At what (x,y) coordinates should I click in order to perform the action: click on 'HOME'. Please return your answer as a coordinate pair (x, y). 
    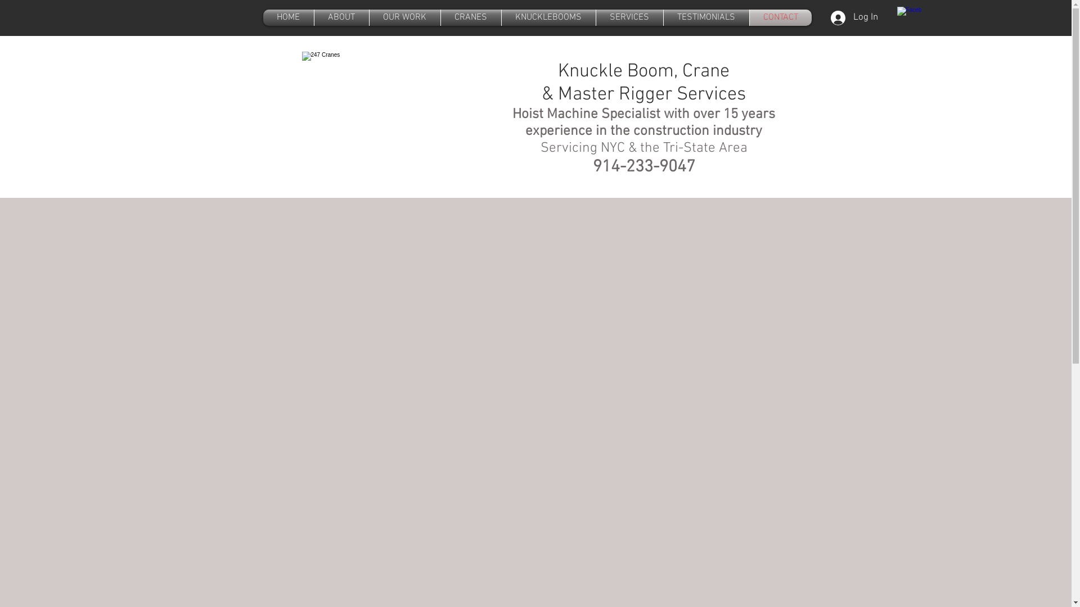
    Looking at the image, I should click on (289, 17).